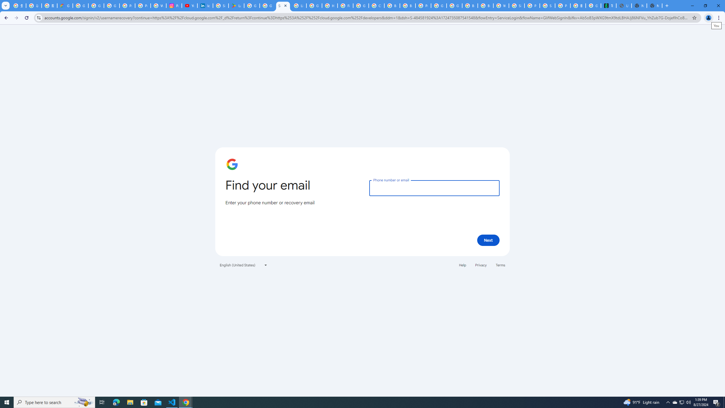 Image resolution: width=725 pixels, height=408 pixels. I want to click on 'Restore', so click(705, 5).